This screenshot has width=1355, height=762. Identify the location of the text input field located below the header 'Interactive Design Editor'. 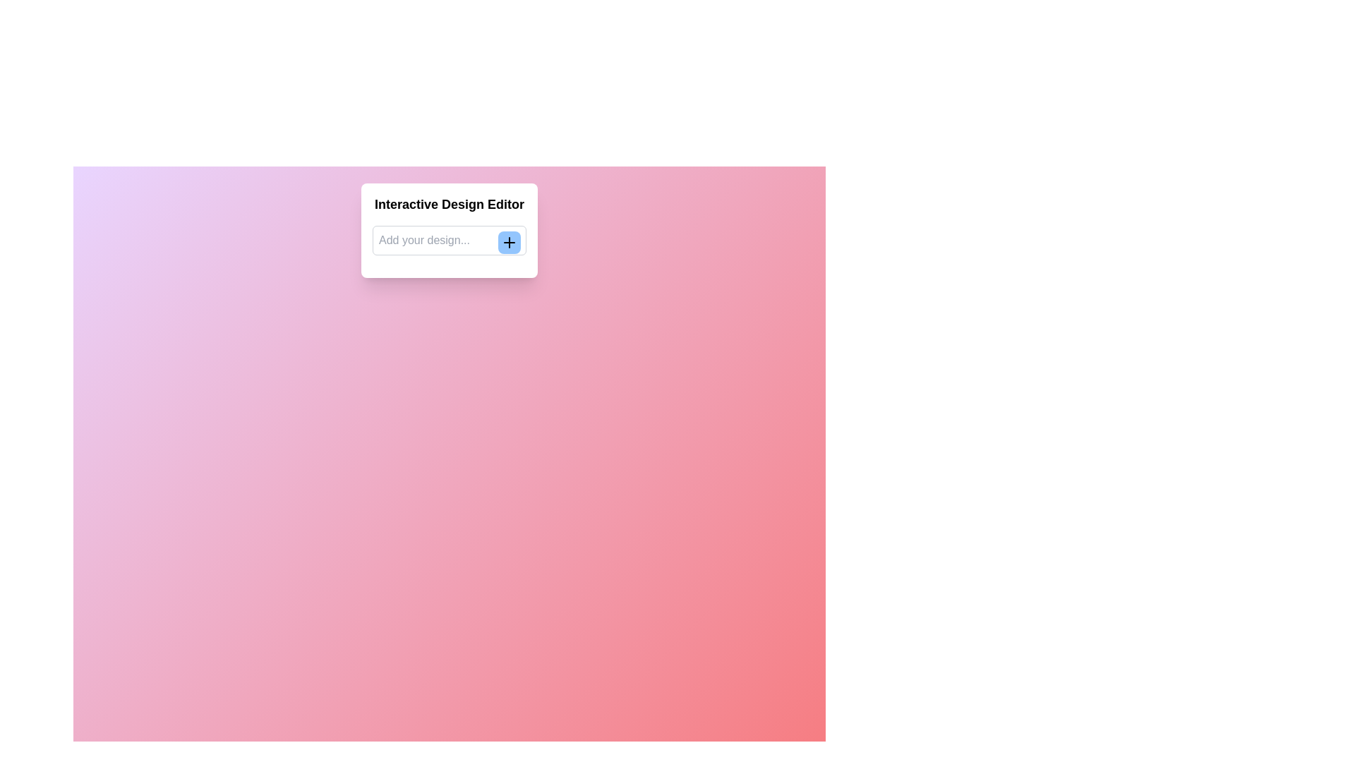
(449, 239).